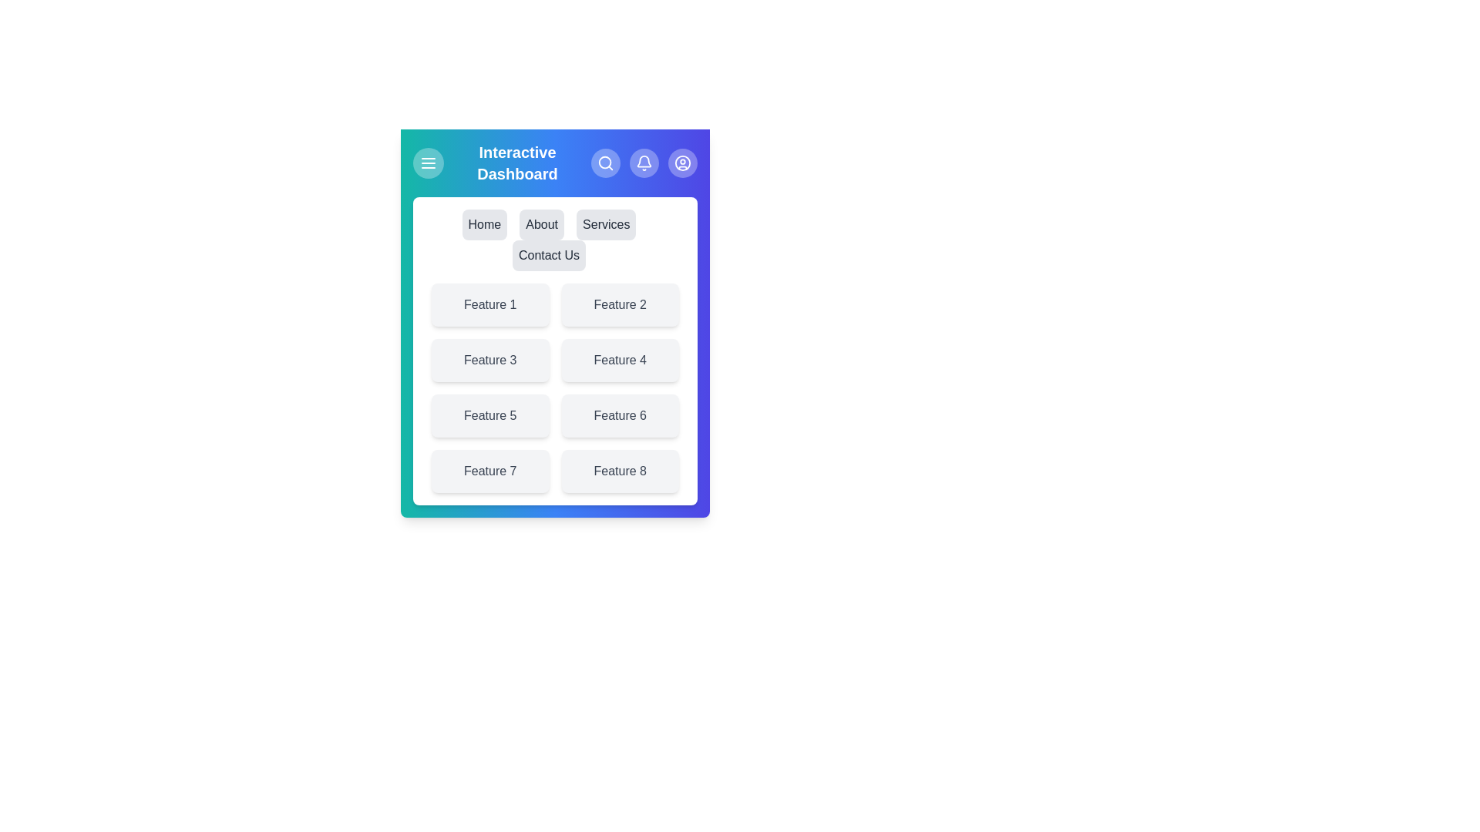  I want to click on the profile icon in the app bar, so click(682, 163).